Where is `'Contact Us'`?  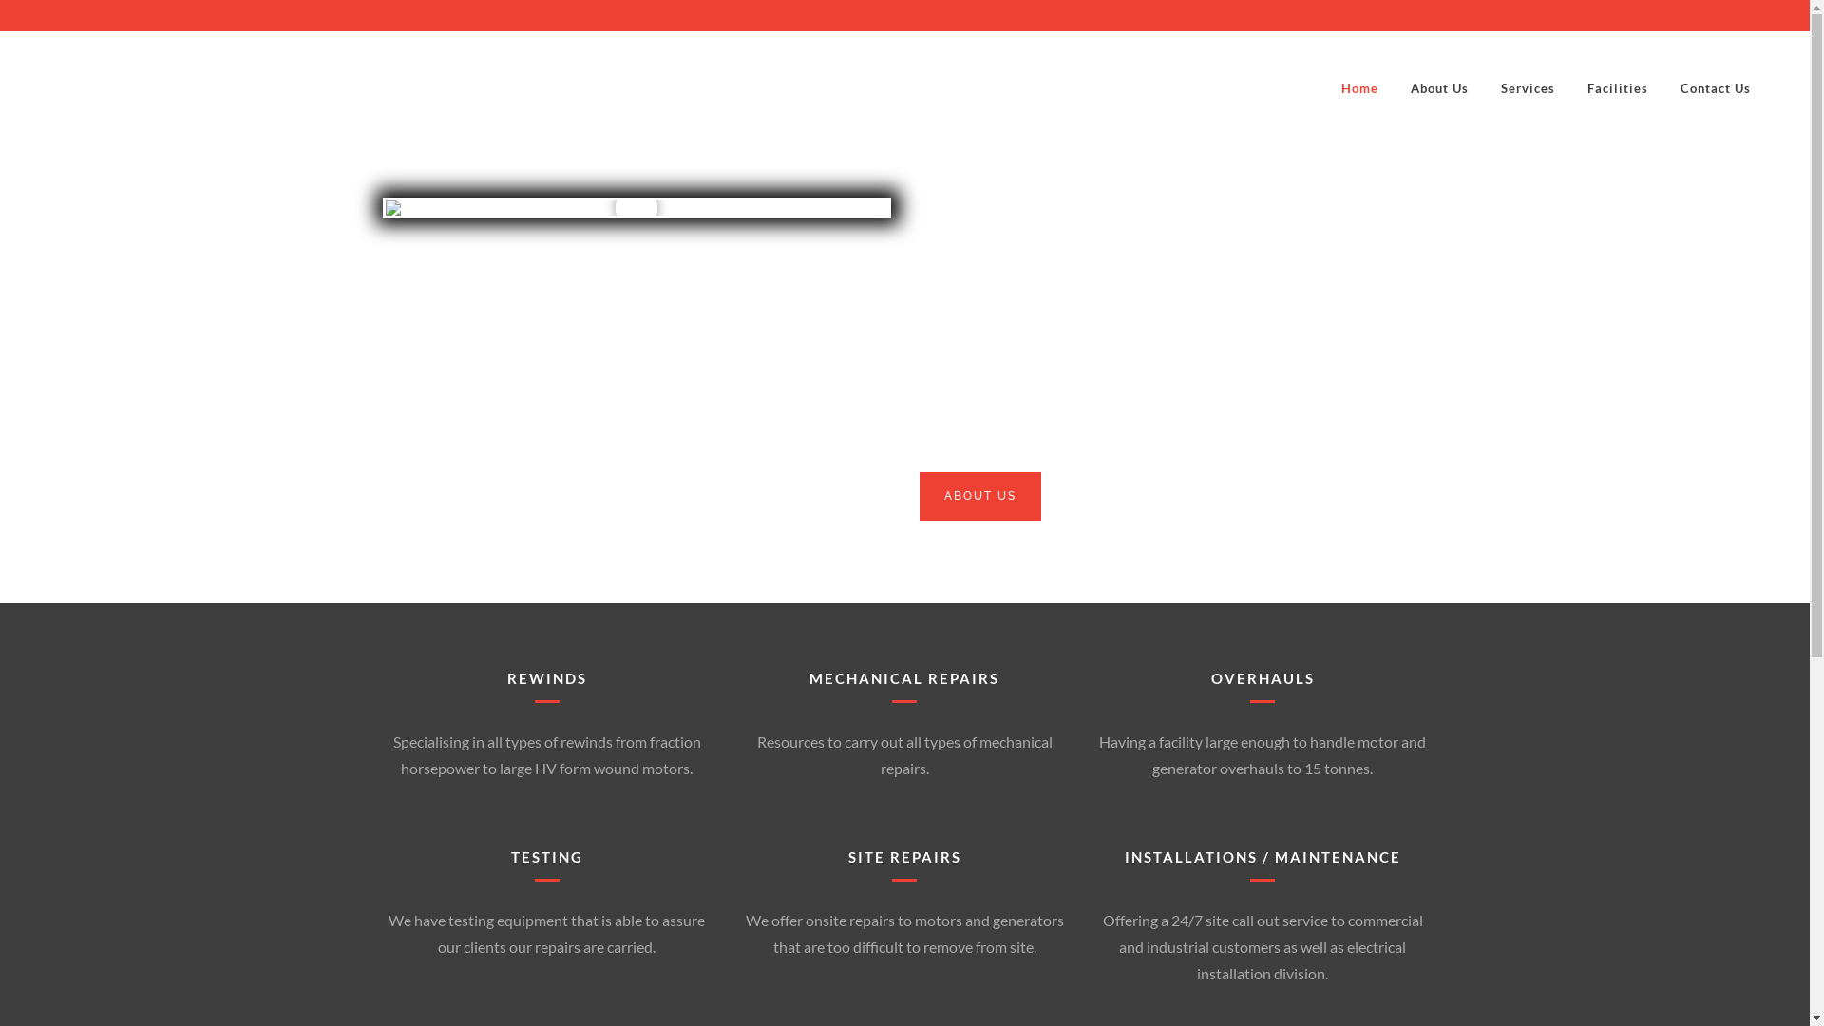 'Contact Us' is located at coordinates (1715, 87).